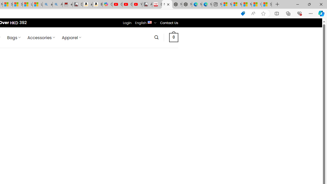  I want to click on 'Amazon Echo Dot PNG - Search Images', so click(57, 4).